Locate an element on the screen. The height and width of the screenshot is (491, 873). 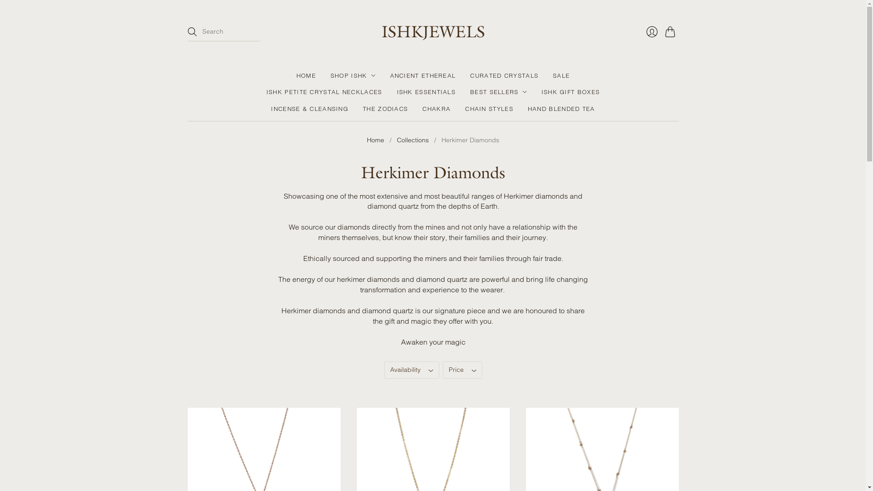
'Login' is located at coordinates (651, 31).